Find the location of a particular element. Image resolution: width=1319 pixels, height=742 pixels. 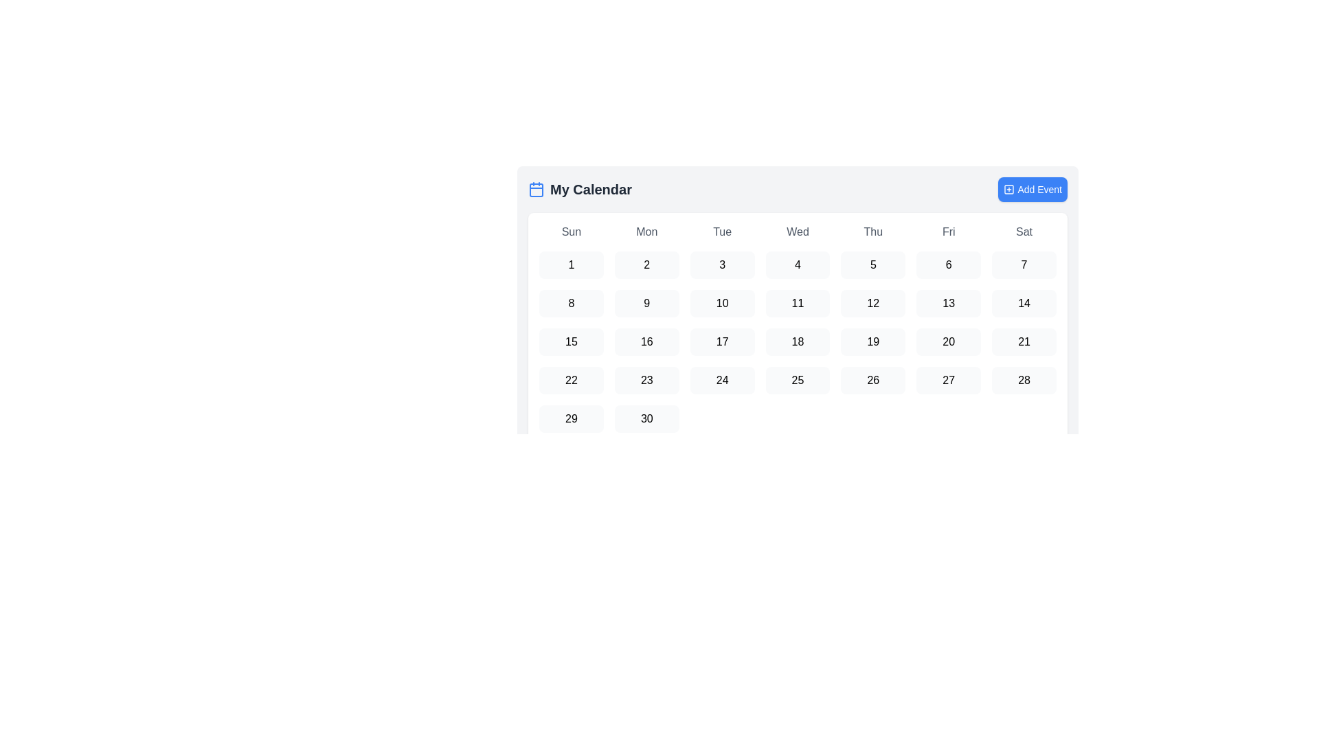

the static text element that serves as a title or heading for the calendar, located at the top-left corner of the calendar interface, immediately right to the calendar icon is located at coordinates (591, 190).